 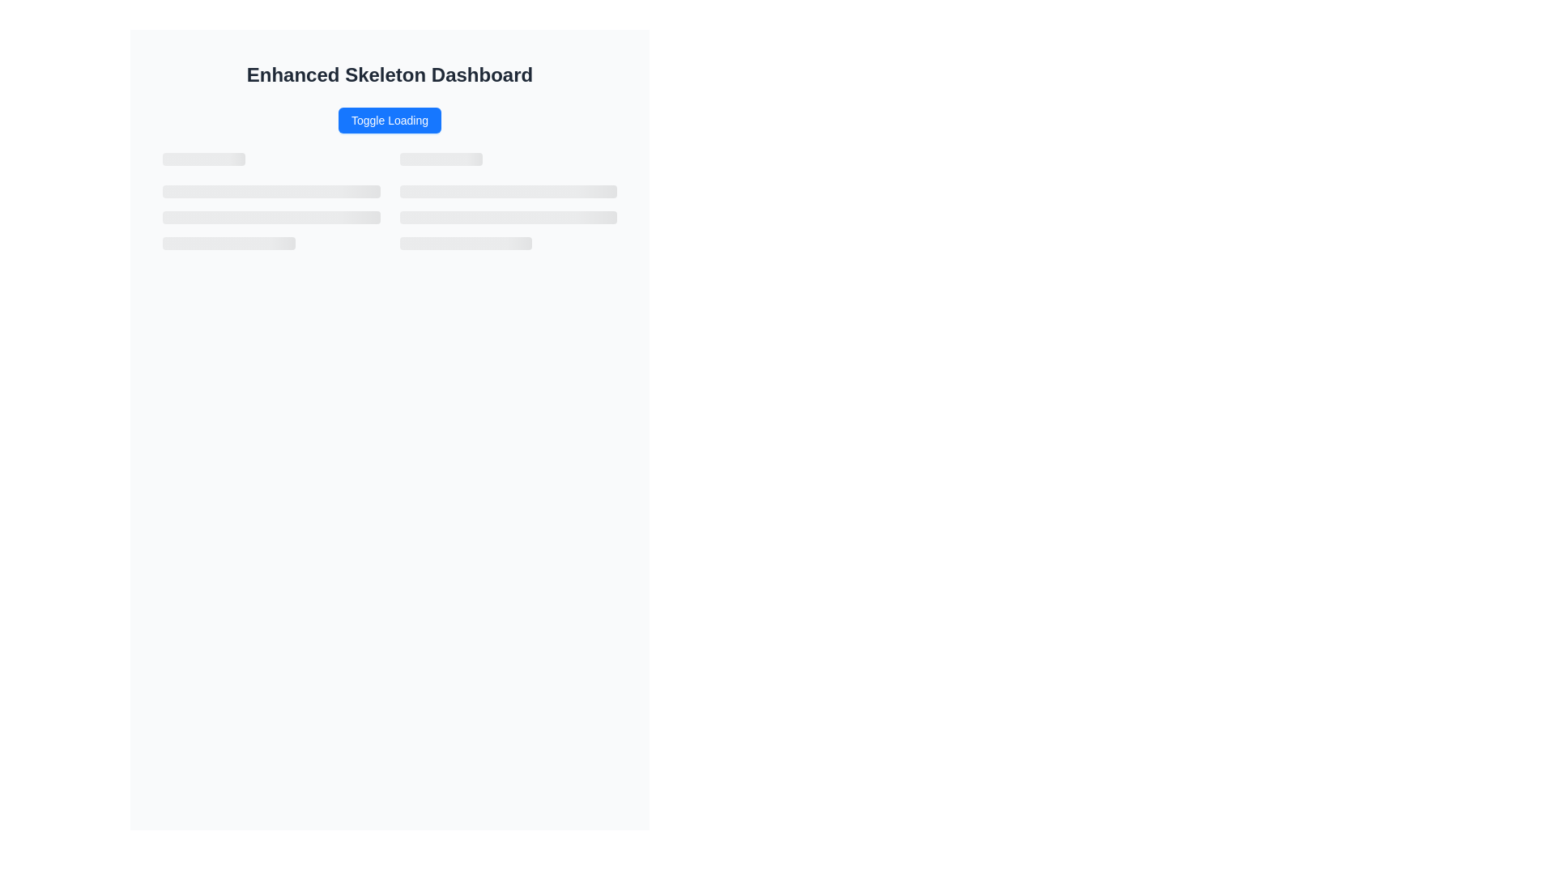 What do you see at coordinates (203, 159) in the screenshot?
I see `the Skeleton Placeholder element, which is a visual placeholder for a title during loading, located centrally near the top of its area, directly below the 'Toggle Loading' button` at bounding box center [203, 159].